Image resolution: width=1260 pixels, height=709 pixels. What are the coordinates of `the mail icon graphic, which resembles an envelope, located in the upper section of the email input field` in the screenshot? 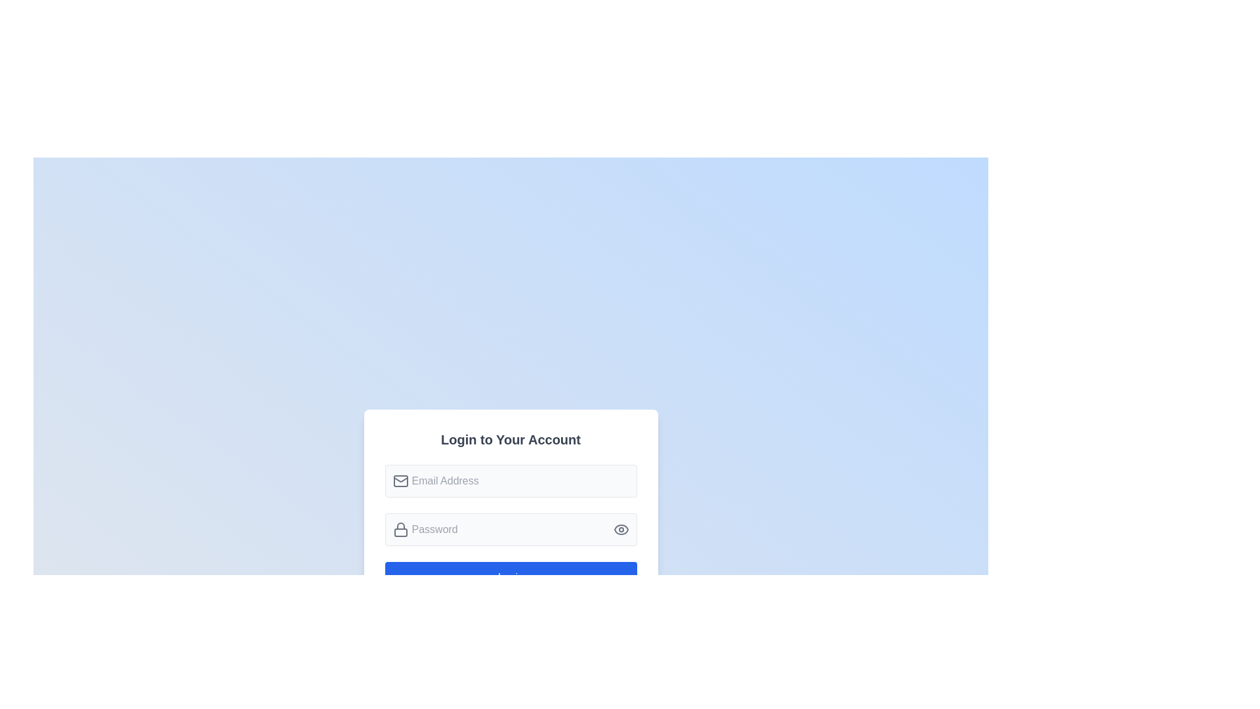 It's located at (400, 481).